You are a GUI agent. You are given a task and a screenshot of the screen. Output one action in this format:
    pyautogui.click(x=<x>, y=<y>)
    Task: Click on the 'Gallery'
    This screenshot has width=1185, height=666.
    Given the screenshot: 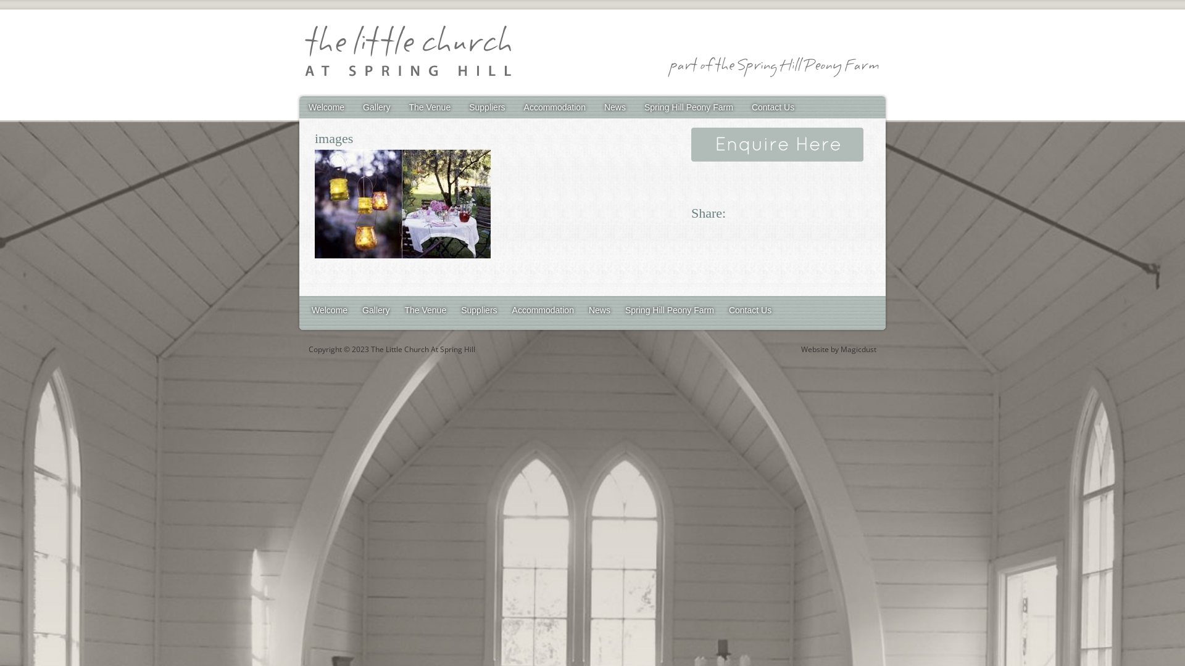 What is the action you would take?
    pyautogui.click(x=375, y=106)
    